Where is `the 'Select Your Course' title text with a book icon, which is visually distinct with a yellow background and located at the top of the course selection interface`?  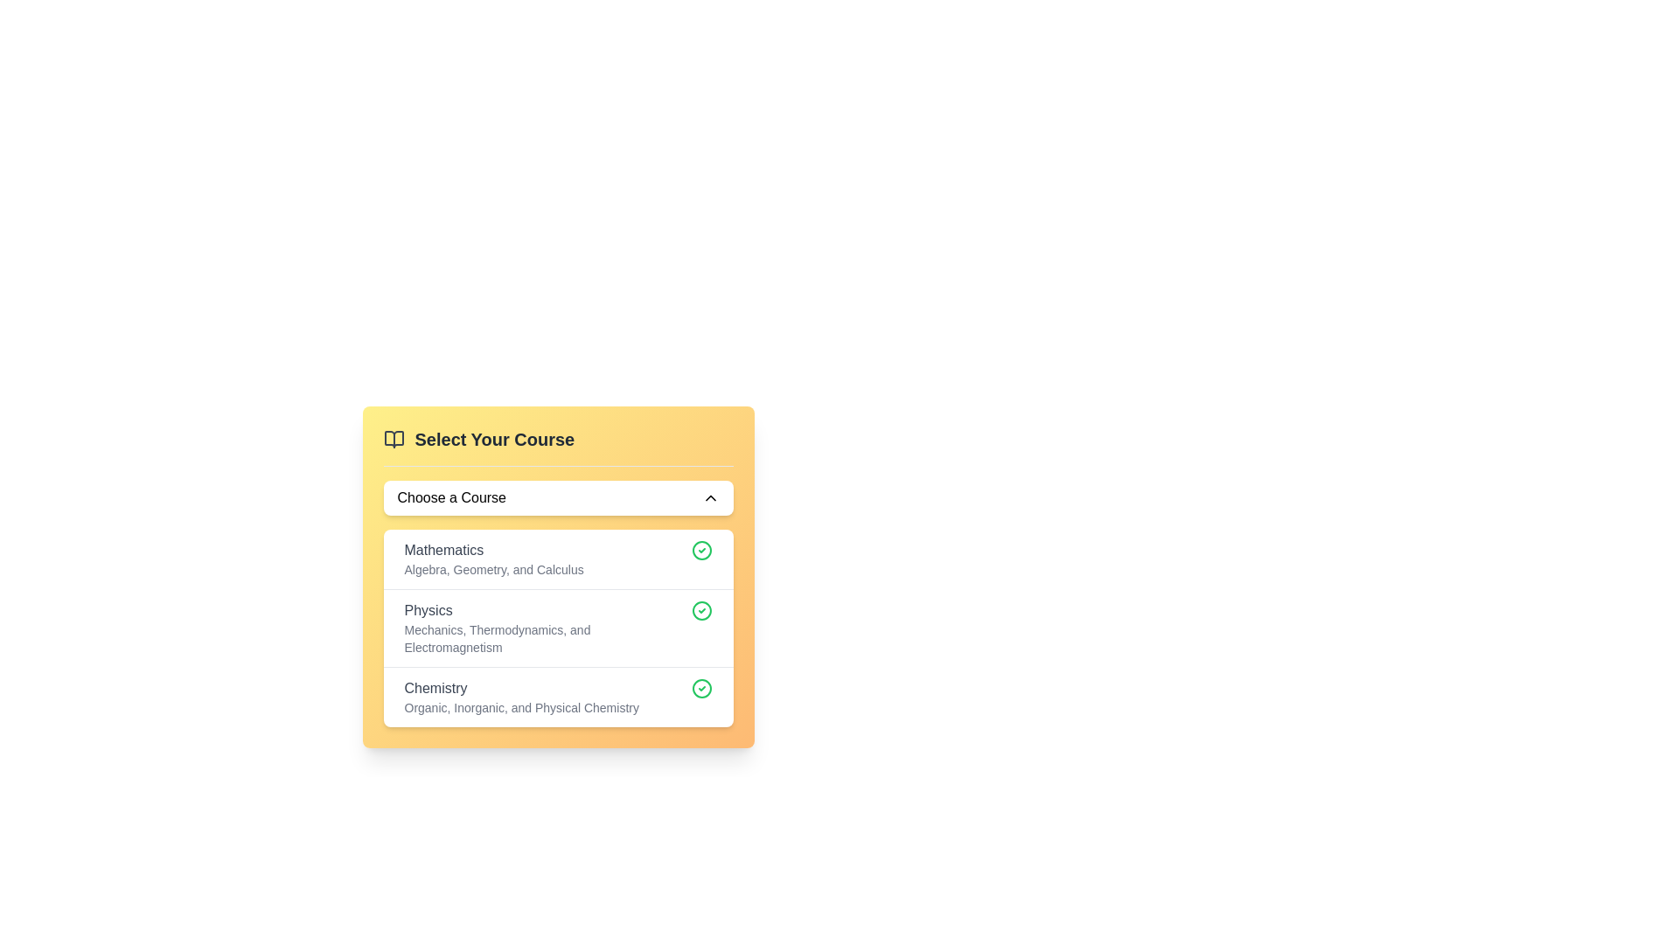
the 'Select Your Course' title text with a book icon, which is visually distinct with a yellow background and located at the top of the course selection interface is located at coordinates (557, 446).